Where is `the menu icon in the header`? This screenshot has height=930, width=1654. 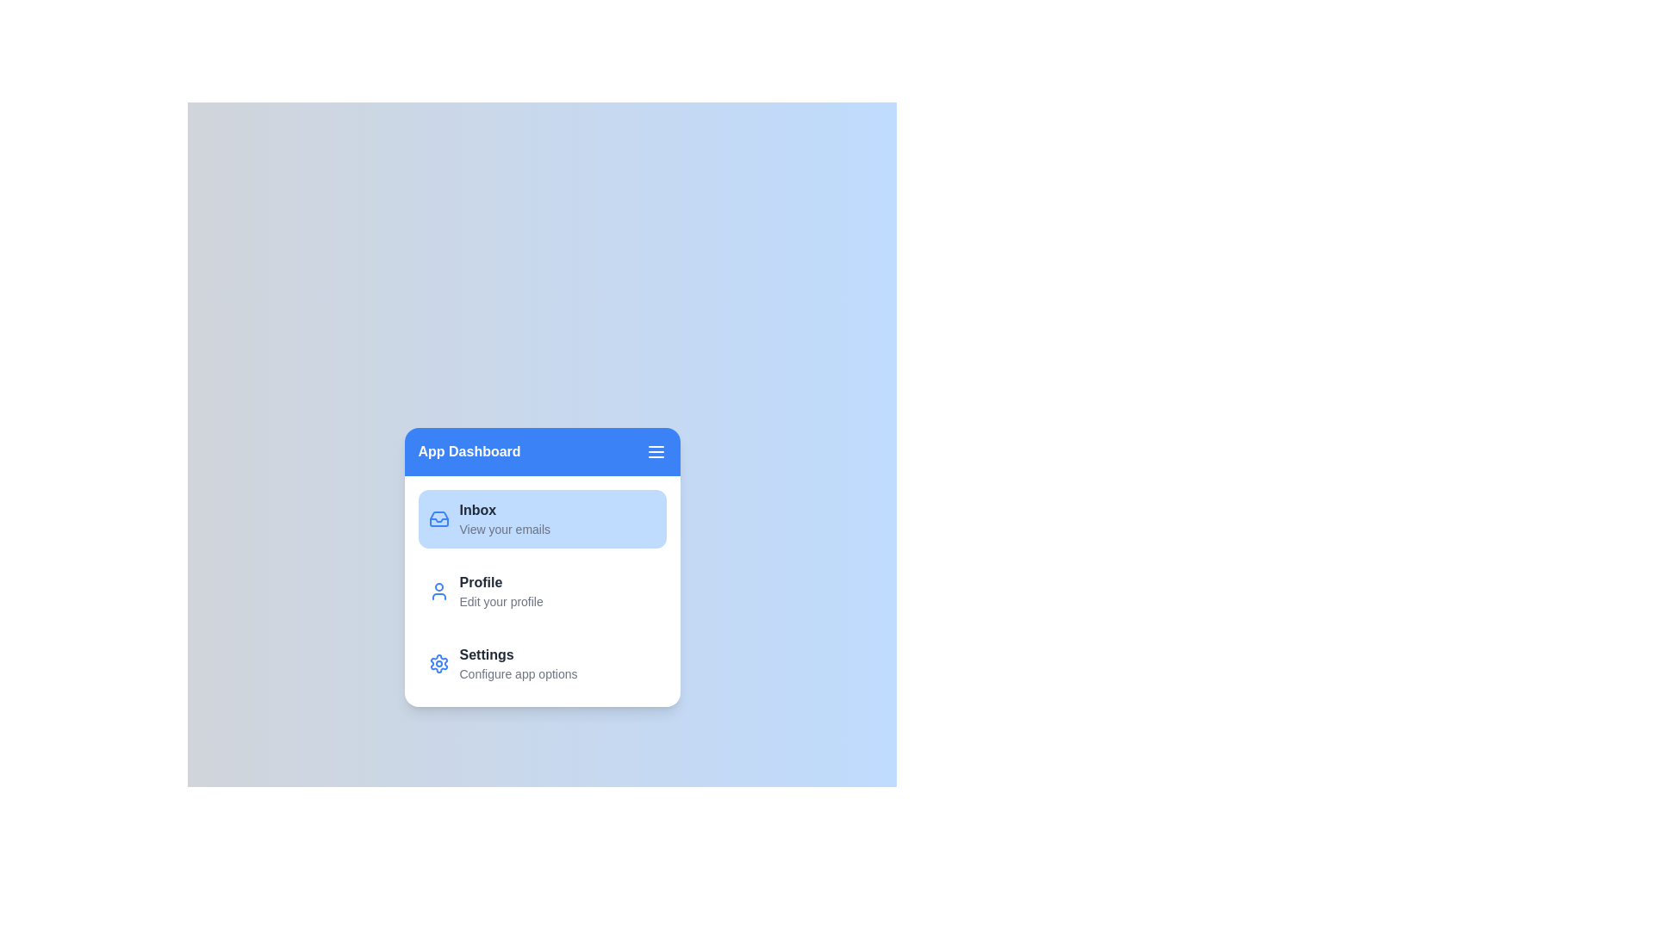 the menu icon in the header is located at coordinates (655, 450).